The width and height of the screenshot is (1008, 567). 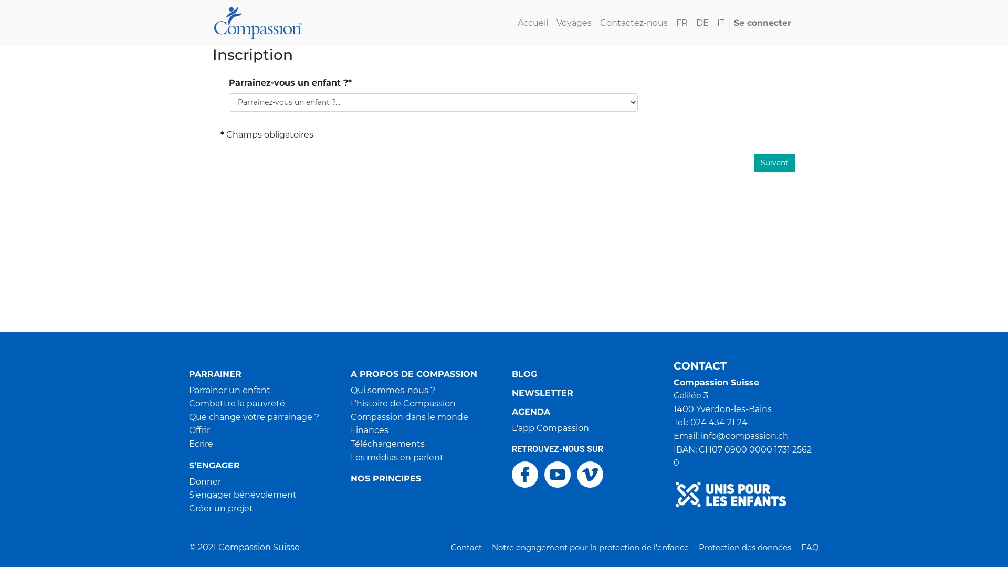 I want to click on 'IT', so click(x=720, y=23).